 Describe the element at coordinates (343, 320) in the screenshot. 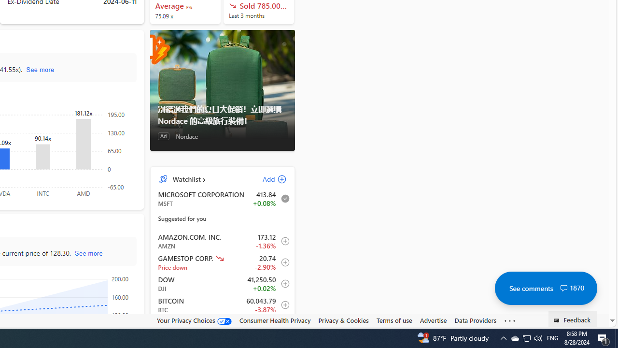

I see `'Privacy & Cookies'` at that location.